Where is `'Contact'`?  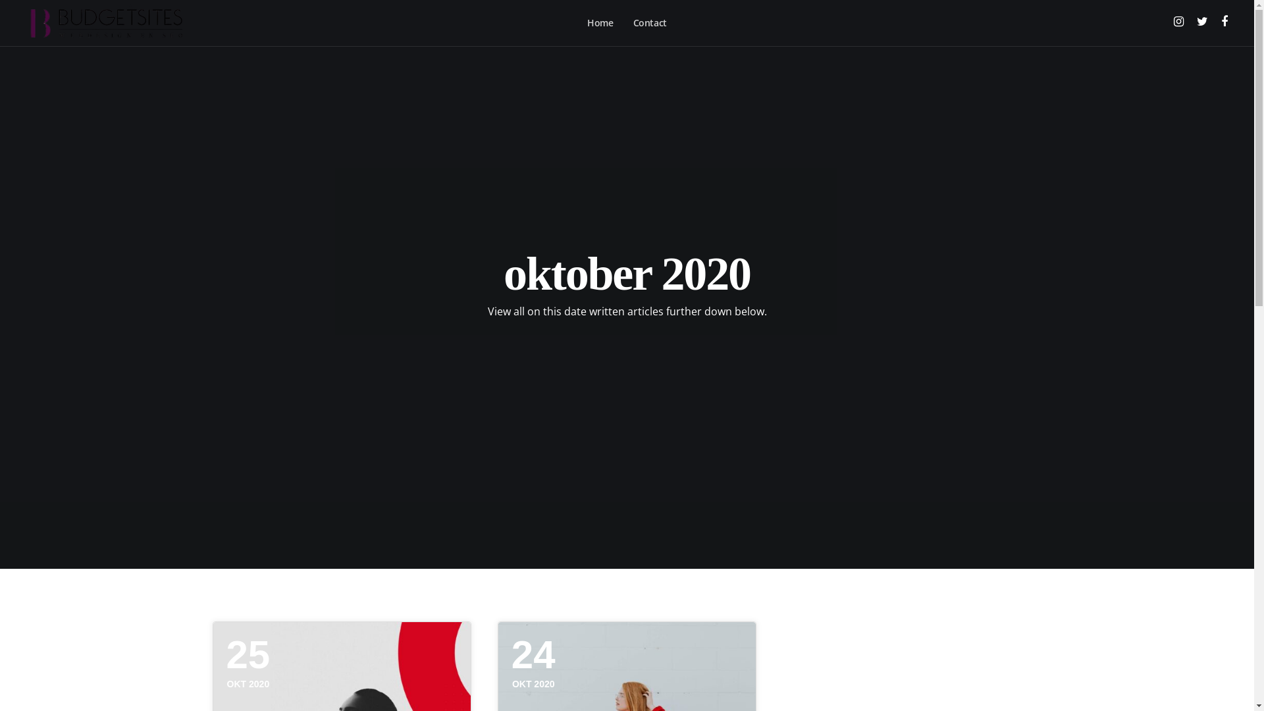
'Contact' is located at coordinates (650, 22).